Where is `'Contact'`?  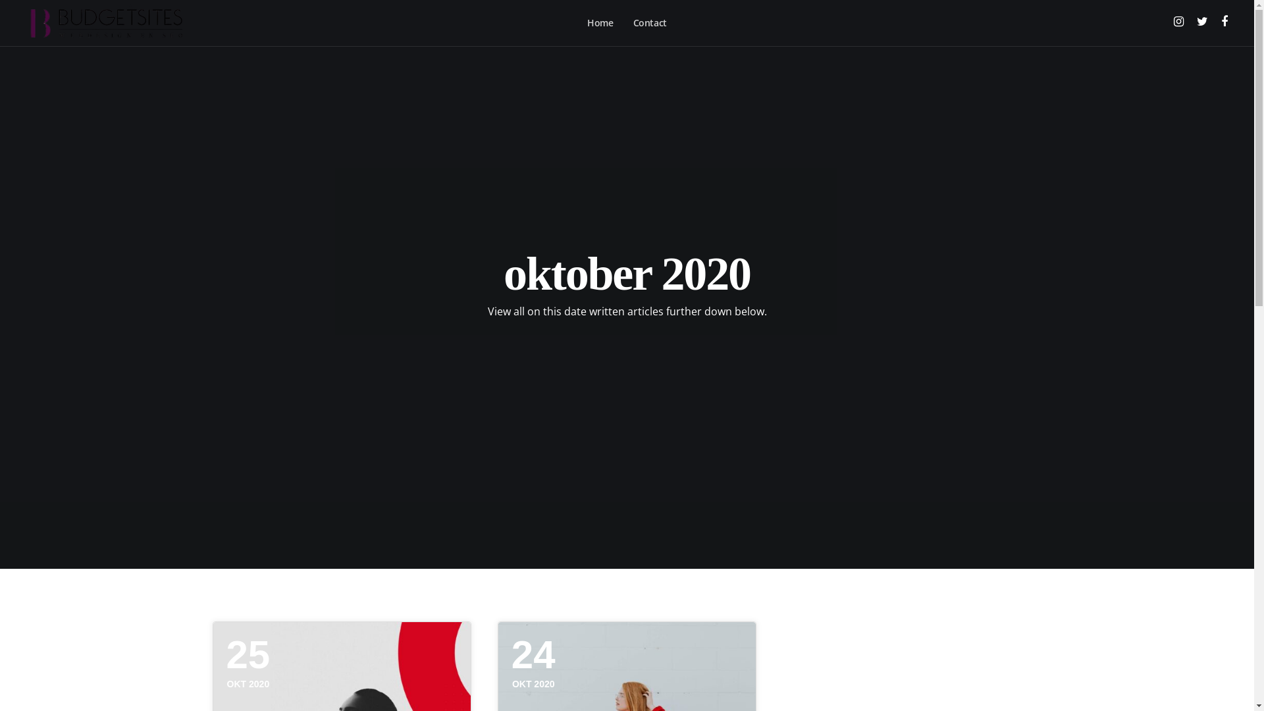
'Contact' is located at coordinates (650, 22).